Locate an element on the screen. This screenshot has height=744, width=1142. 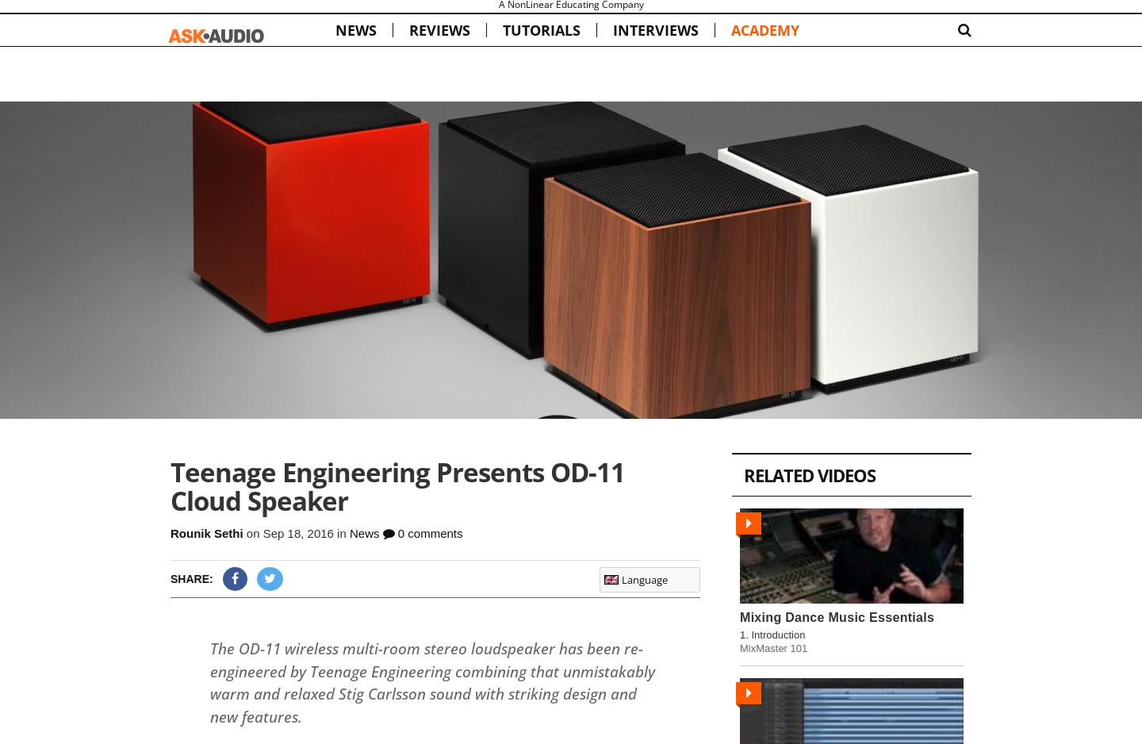
'Create Account' is located at coordinates (935, 13).